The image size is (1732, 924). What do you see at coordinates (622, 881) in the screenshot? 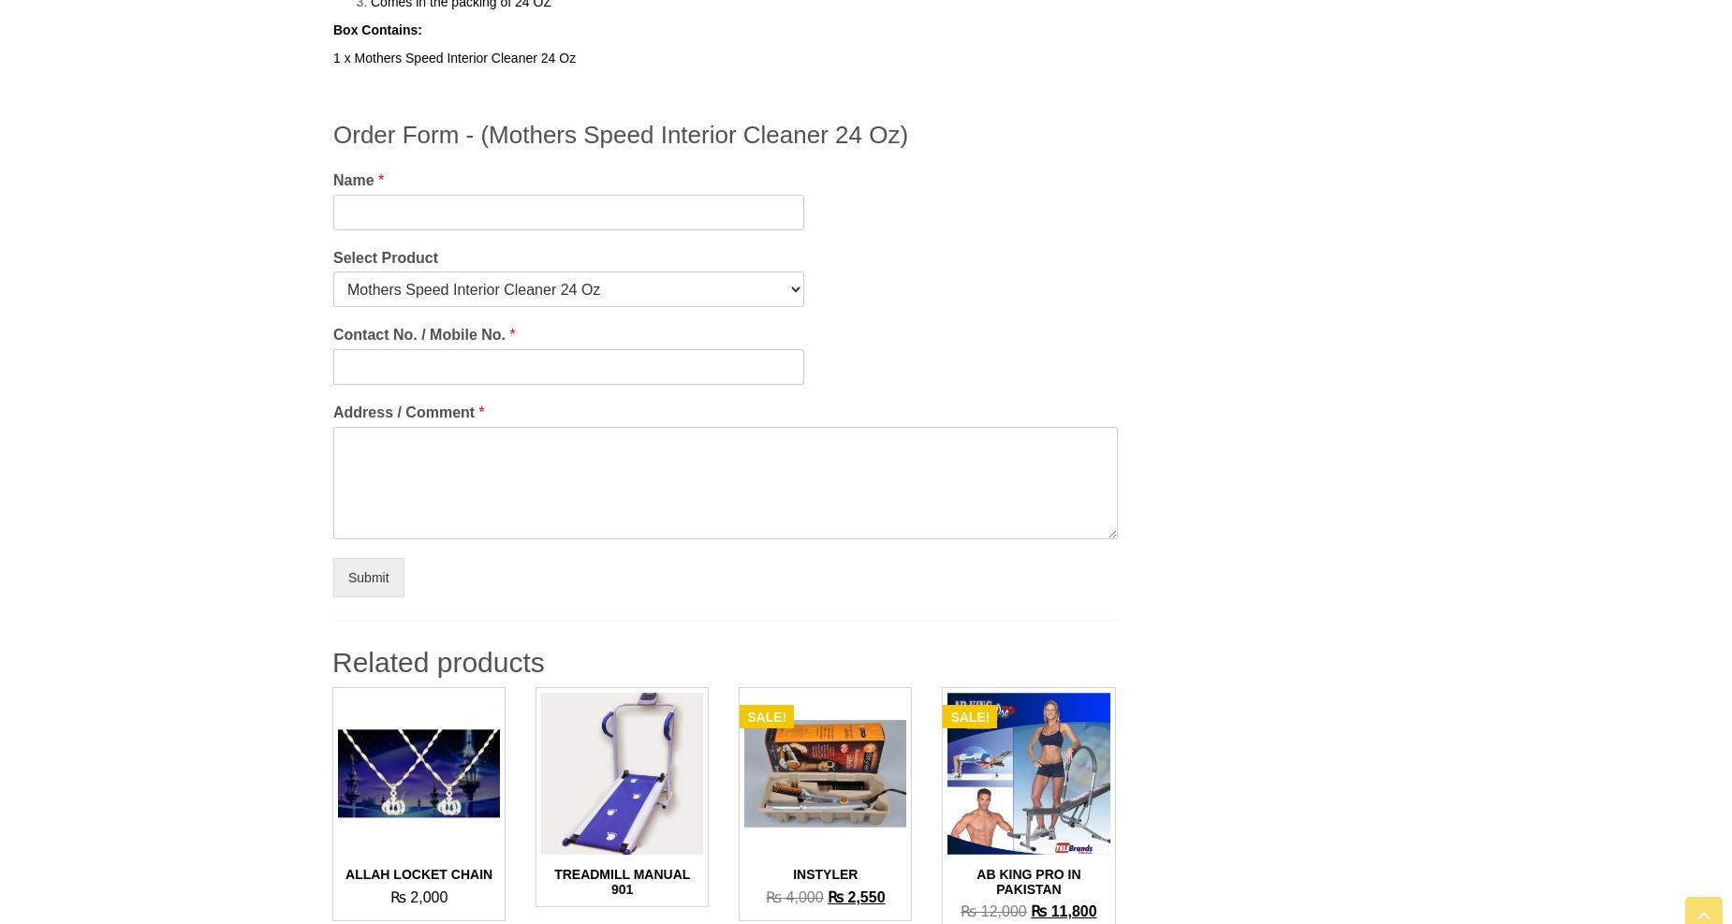
I see `'Treadmill Manual 901'` at bounding box center [622, 881].